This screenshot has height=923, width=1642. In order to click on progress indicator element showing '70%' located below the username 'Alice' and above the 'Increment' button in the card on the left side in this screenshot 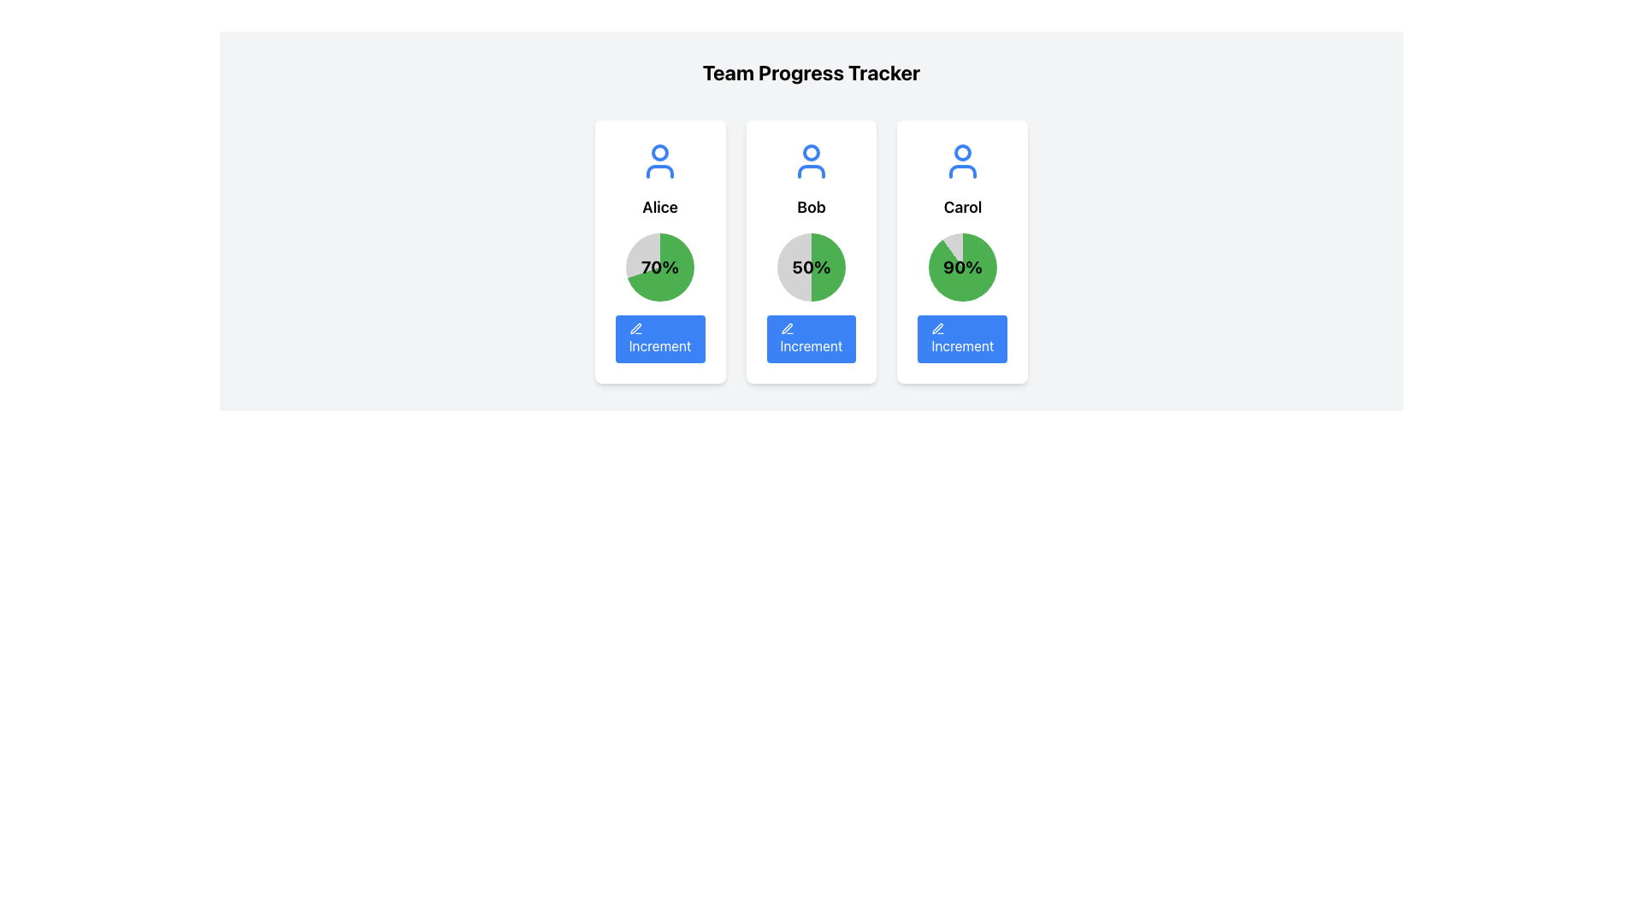, I will do `click(659, 267)`.